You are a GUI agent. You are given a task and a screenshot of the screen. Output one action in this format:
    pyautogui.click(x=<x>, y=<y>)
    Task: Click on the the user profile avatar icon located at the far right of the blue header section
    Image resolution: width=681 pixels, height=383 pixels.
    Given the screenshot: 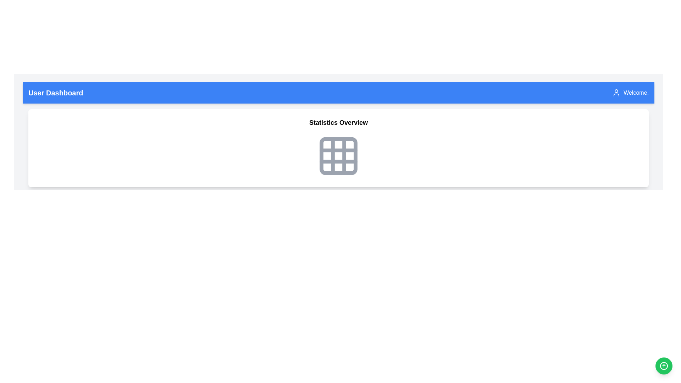 What is the action you would take?
    pyautogui.click(x=616, y=93)
    